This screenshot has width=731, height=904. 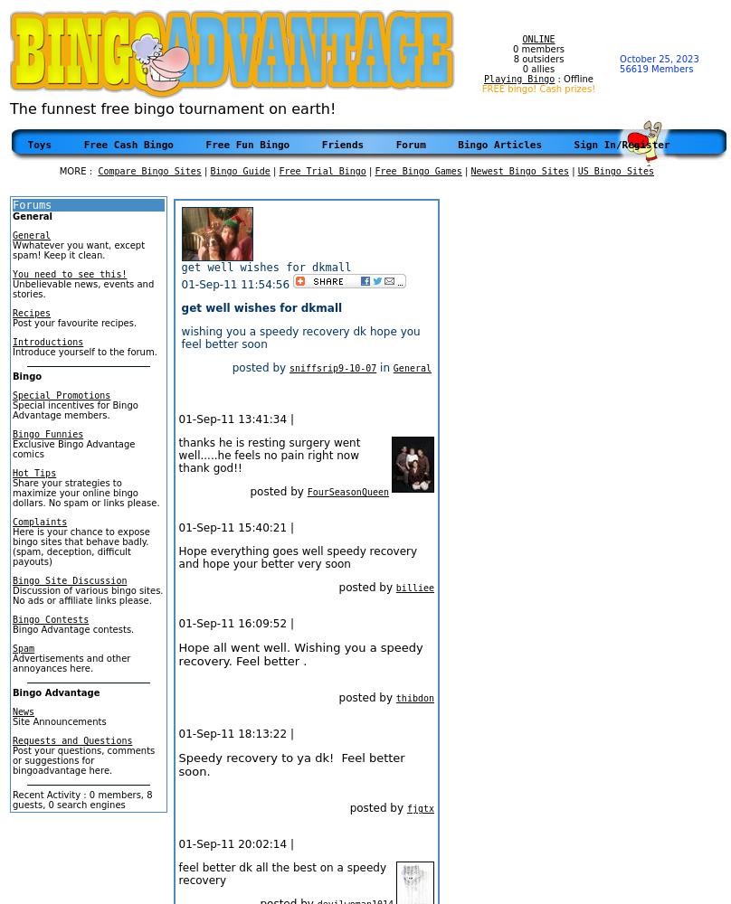 What do you see at coordinates (31, 312) in the screenshot?
I see `'Recipes'` at bounding box center [31, 312].